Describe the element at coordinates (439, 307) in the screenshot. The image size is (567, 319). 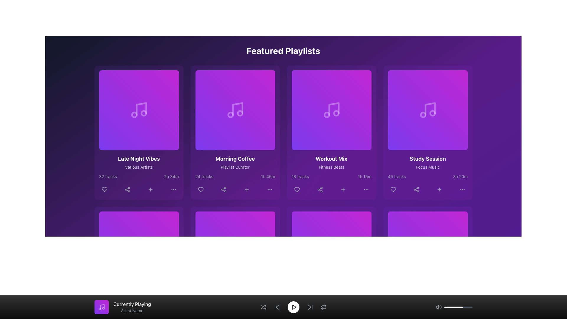
I see `the current state of the volume control icon located in the media control toolbar at the bottom left side of the player controls` at that location.